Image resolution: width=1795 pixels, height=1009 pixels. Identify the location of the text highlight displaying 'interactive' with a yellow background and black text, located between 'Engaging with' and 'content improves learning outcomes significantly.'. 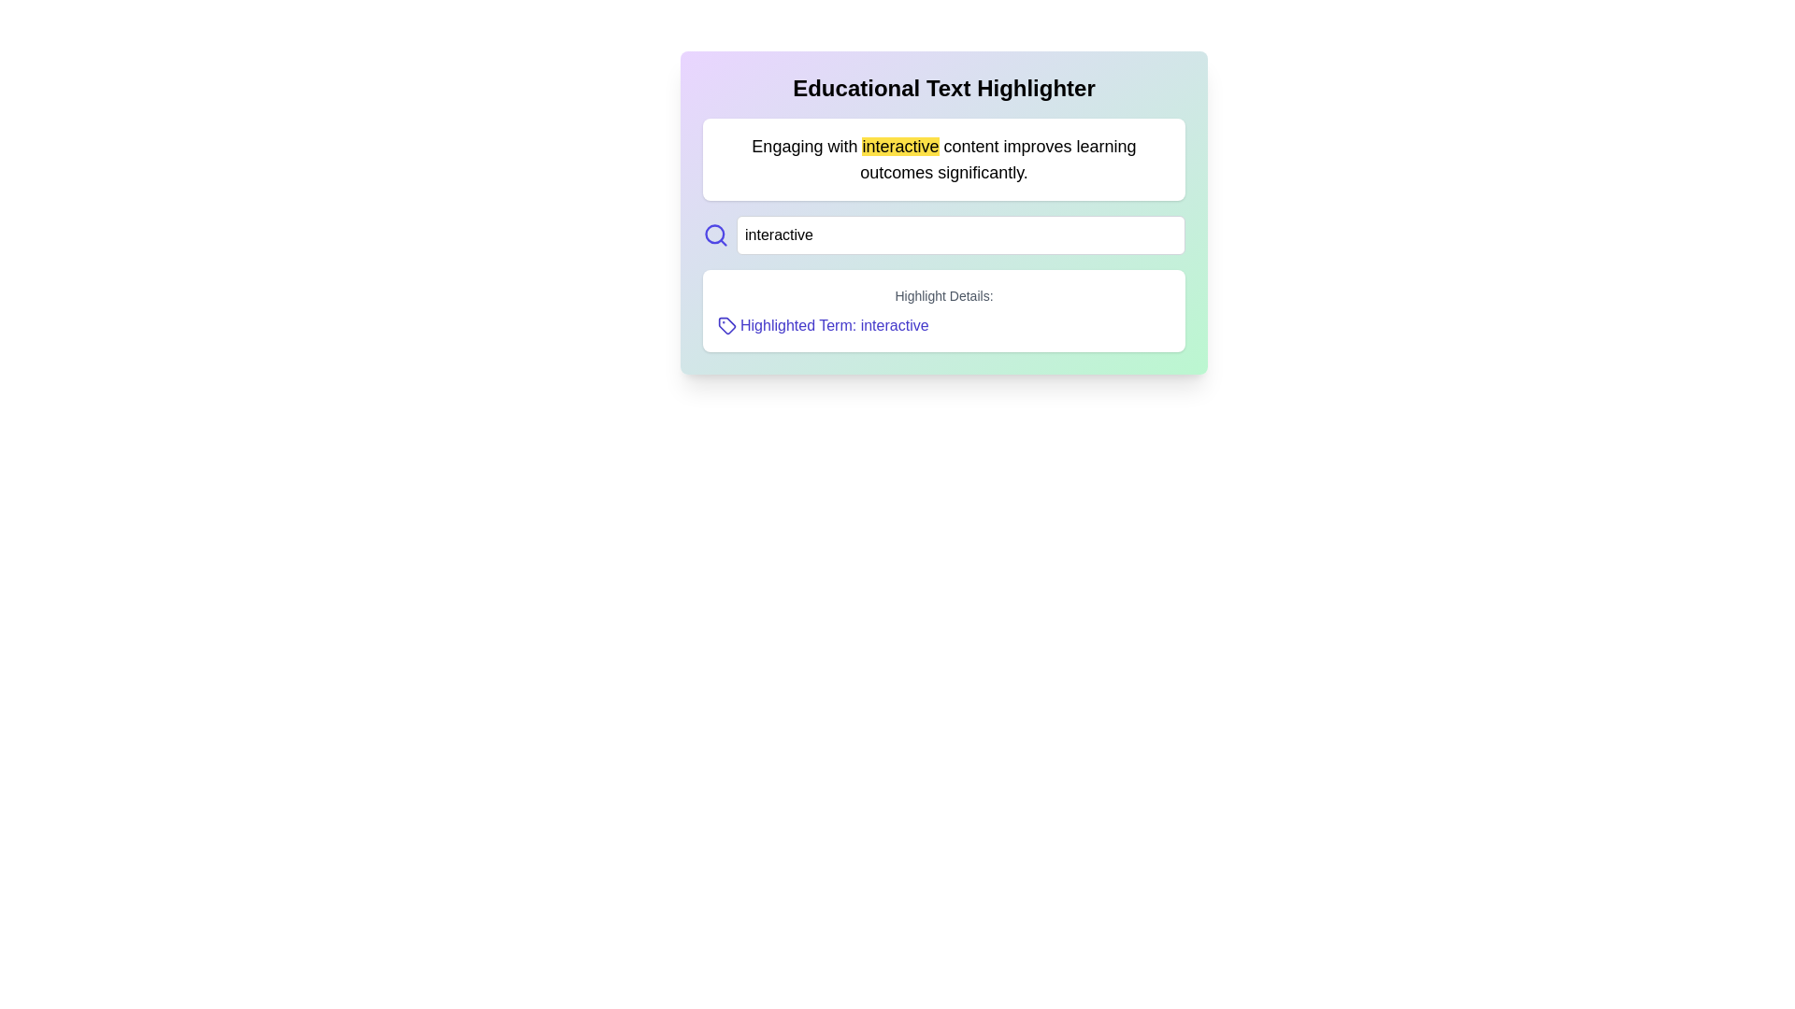
(900, 146).